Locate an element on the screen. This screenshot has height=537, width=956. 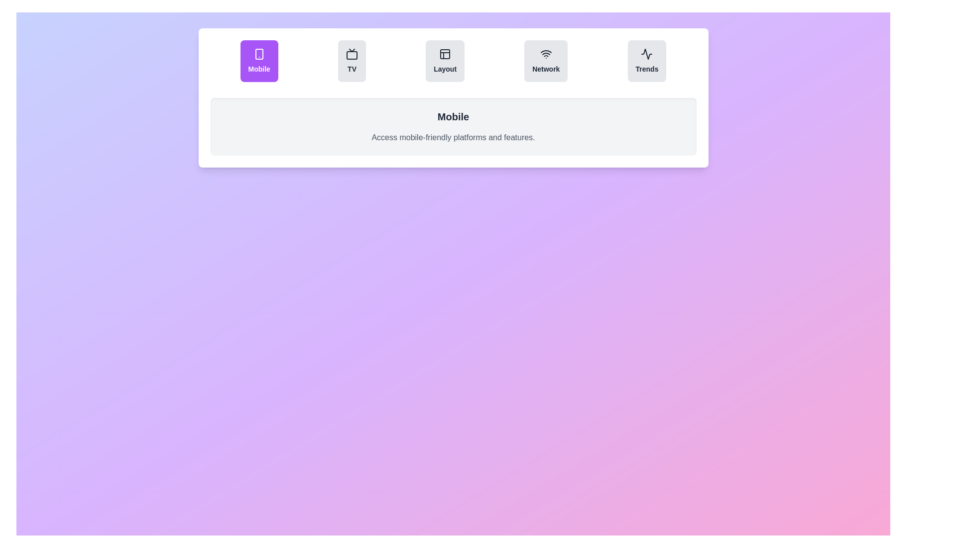
the icon resembling a simplified layout design, which is centrally located above the text label 'Layout' in the horizontal menu component is located at coordinates (445, 54).